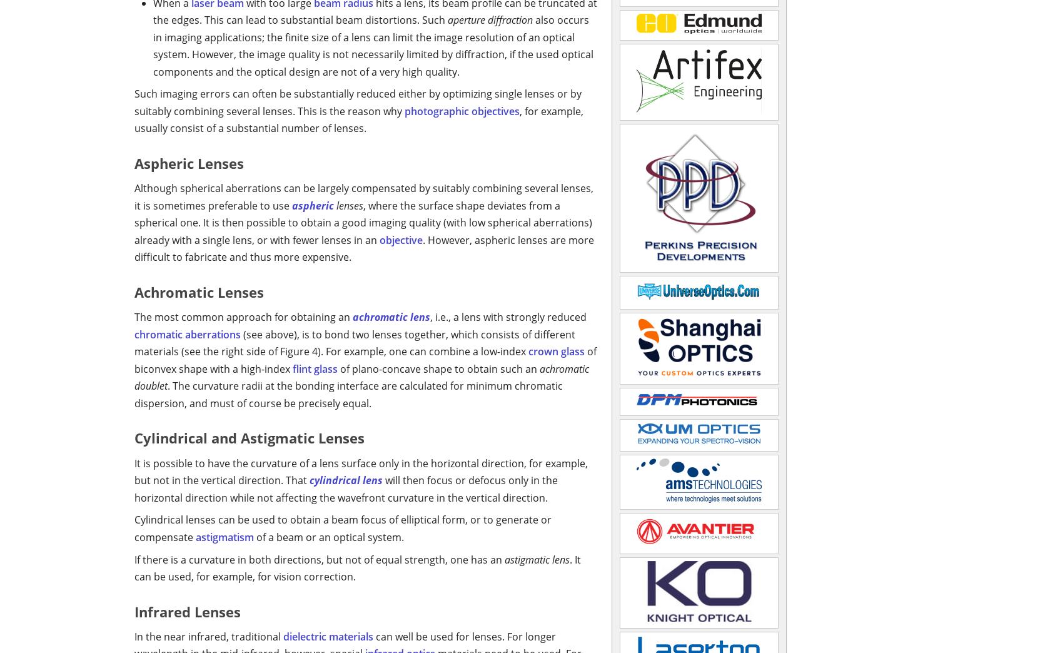  Describe the element at coordinates (199, 291) in the screenshot. I see `'Achromatic Lenses'` at that location.